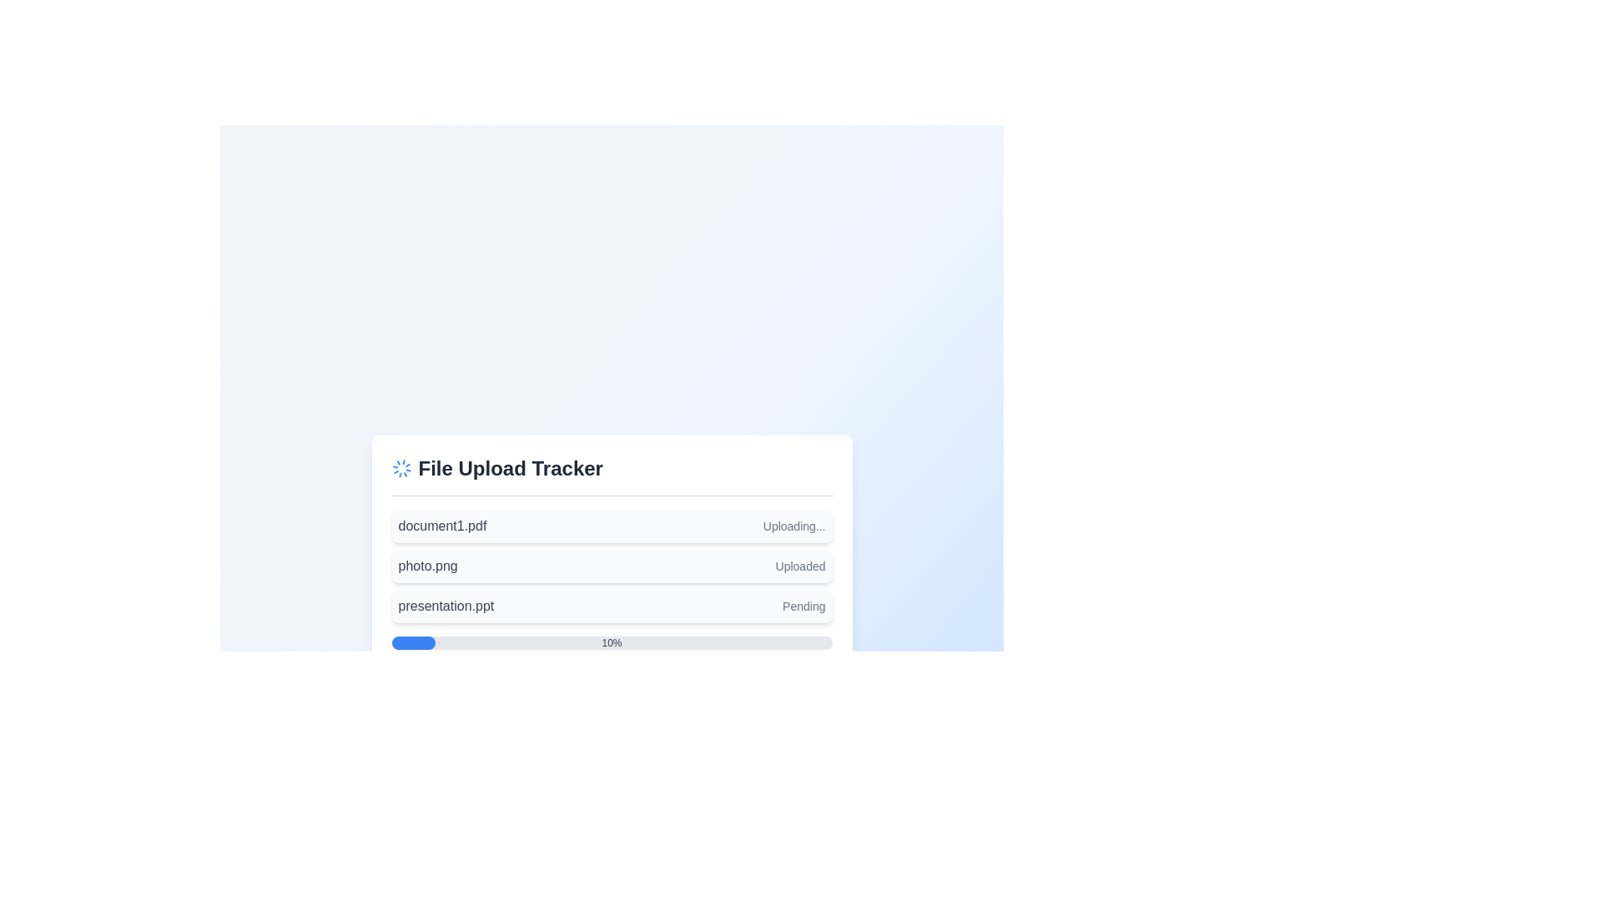  I want to click on text displayed in the '10%' label, which is a small, bold, gray text centered above the progress bar in the 'File Upload Tracker' UI component, so click(611, 642).